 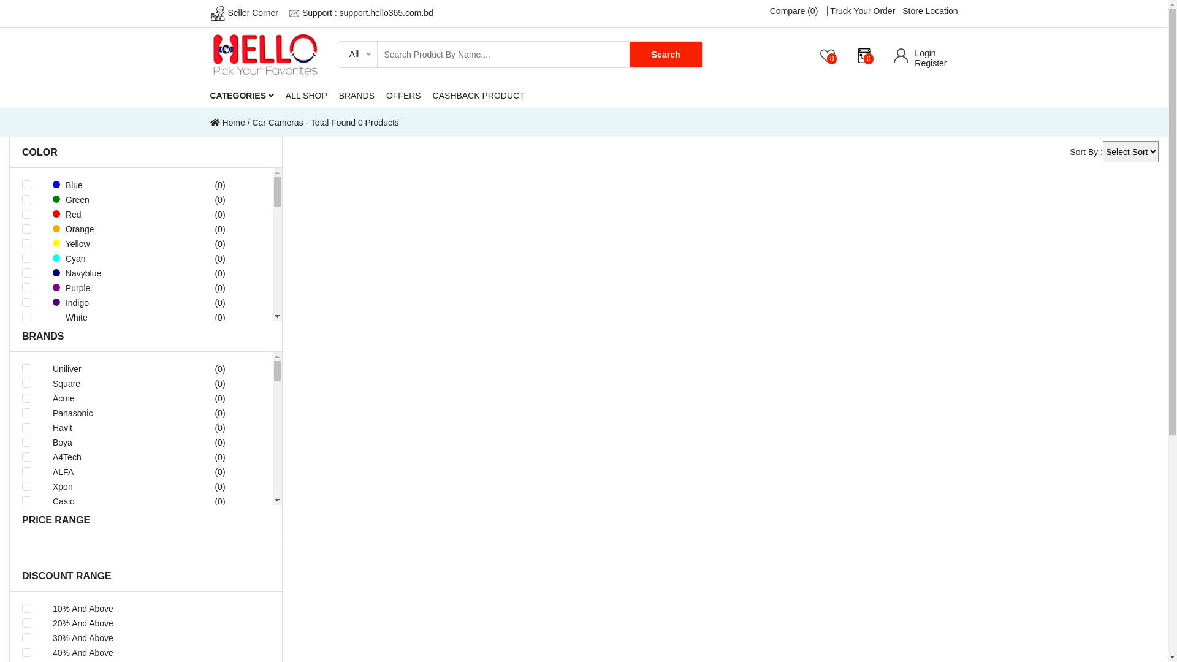 What do you see at coordinates (34, 623) in the screenshot?
I see `'20% And Above'` at bounding box center [34, 623].